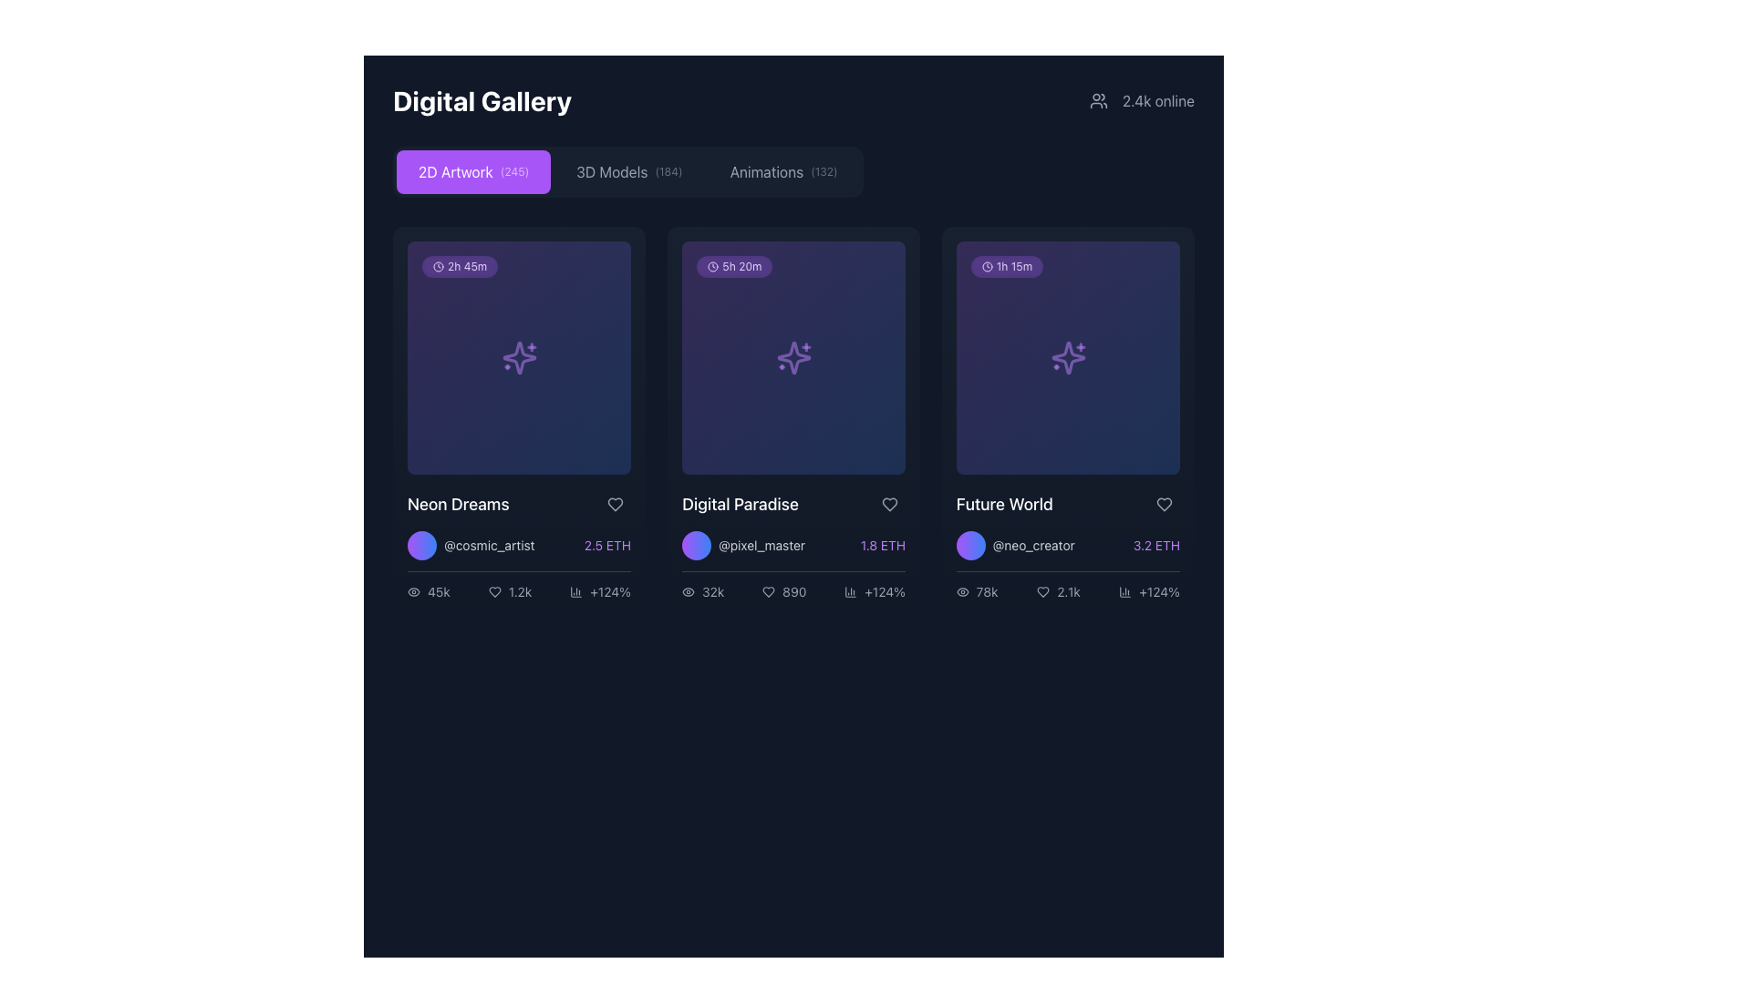 Image resolution: width=1751 pixels, height=984 pixels. I want to click on the heart-shaped icon located in the bottom-right corner of the card labeled 'Future World', so click(1043, 592).